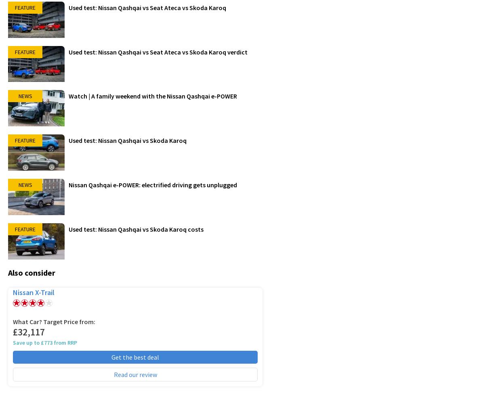 This screenshot has width=481, height=400. Describe the element at coordinates (64, 342) in the screenshot. I see `'from RRP'` at that location.